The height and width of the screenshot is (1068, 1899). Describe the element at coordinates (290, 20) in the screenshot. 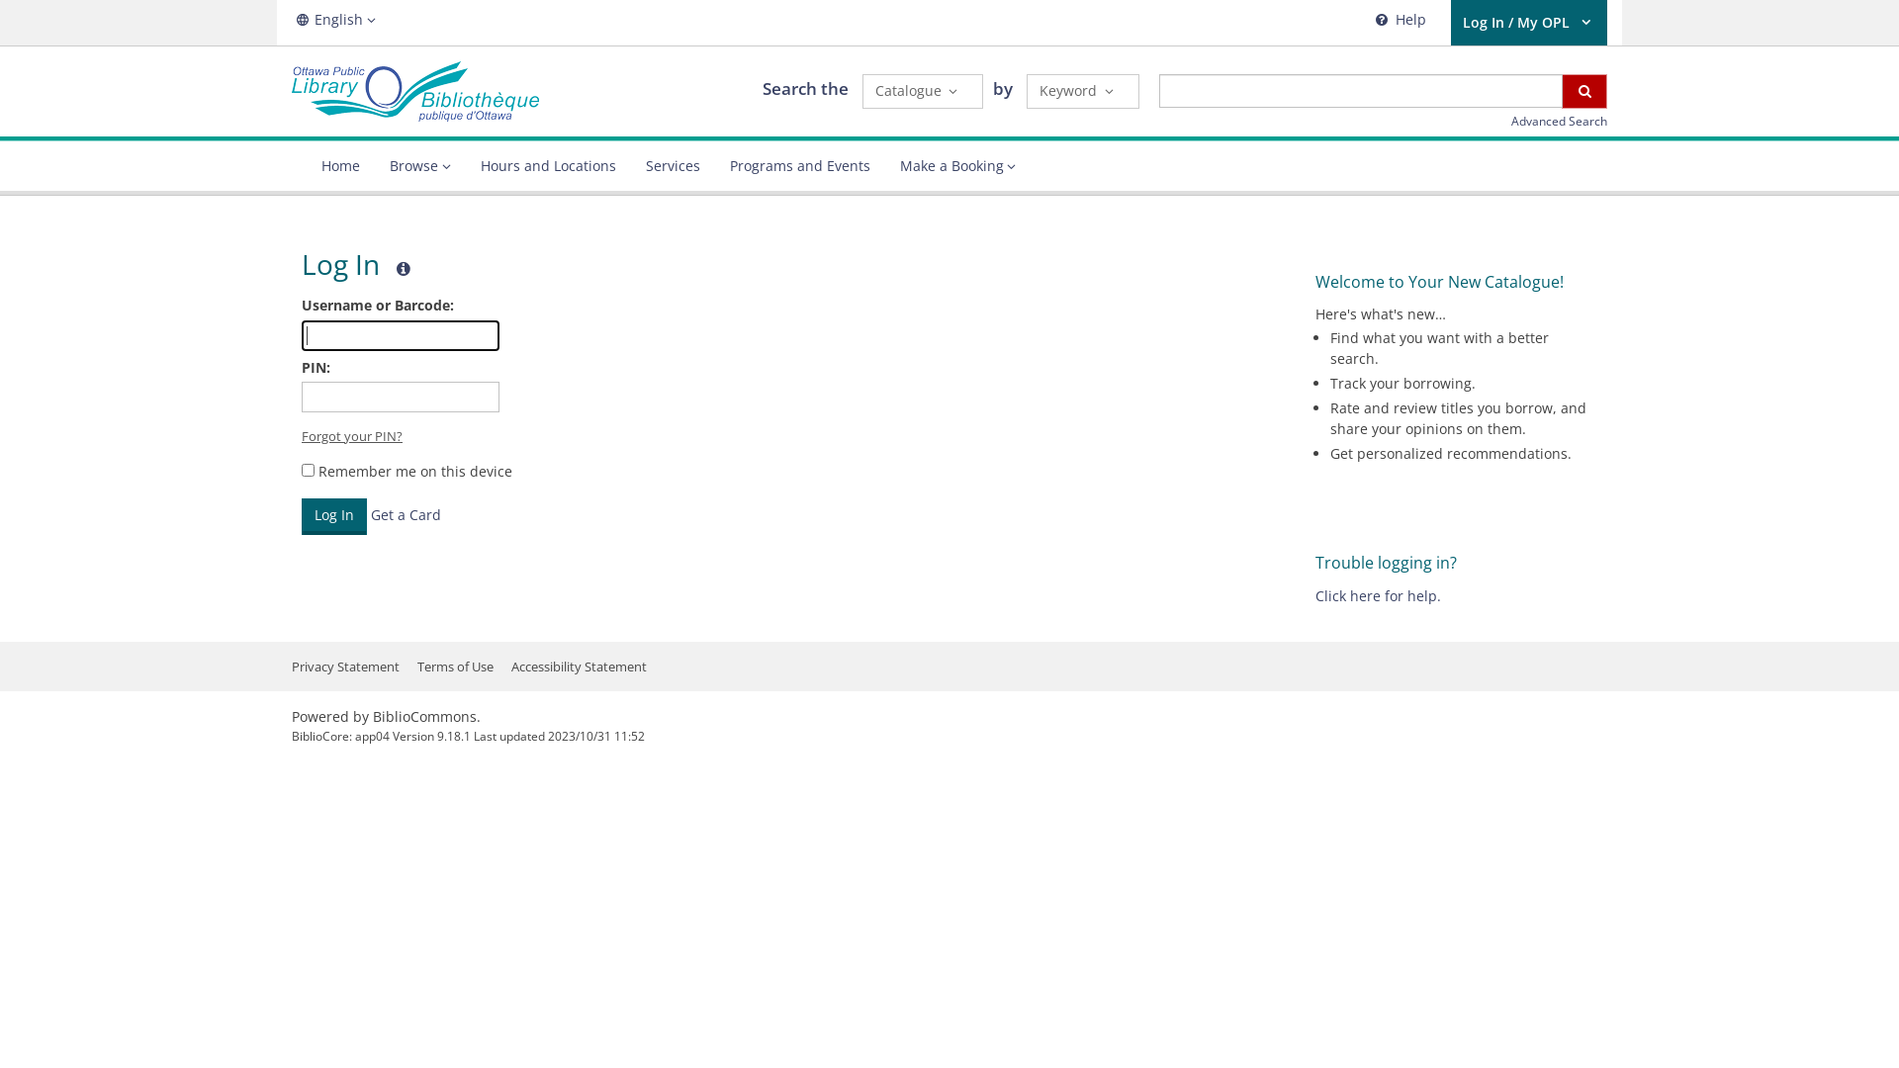

I see `'English` at that location.